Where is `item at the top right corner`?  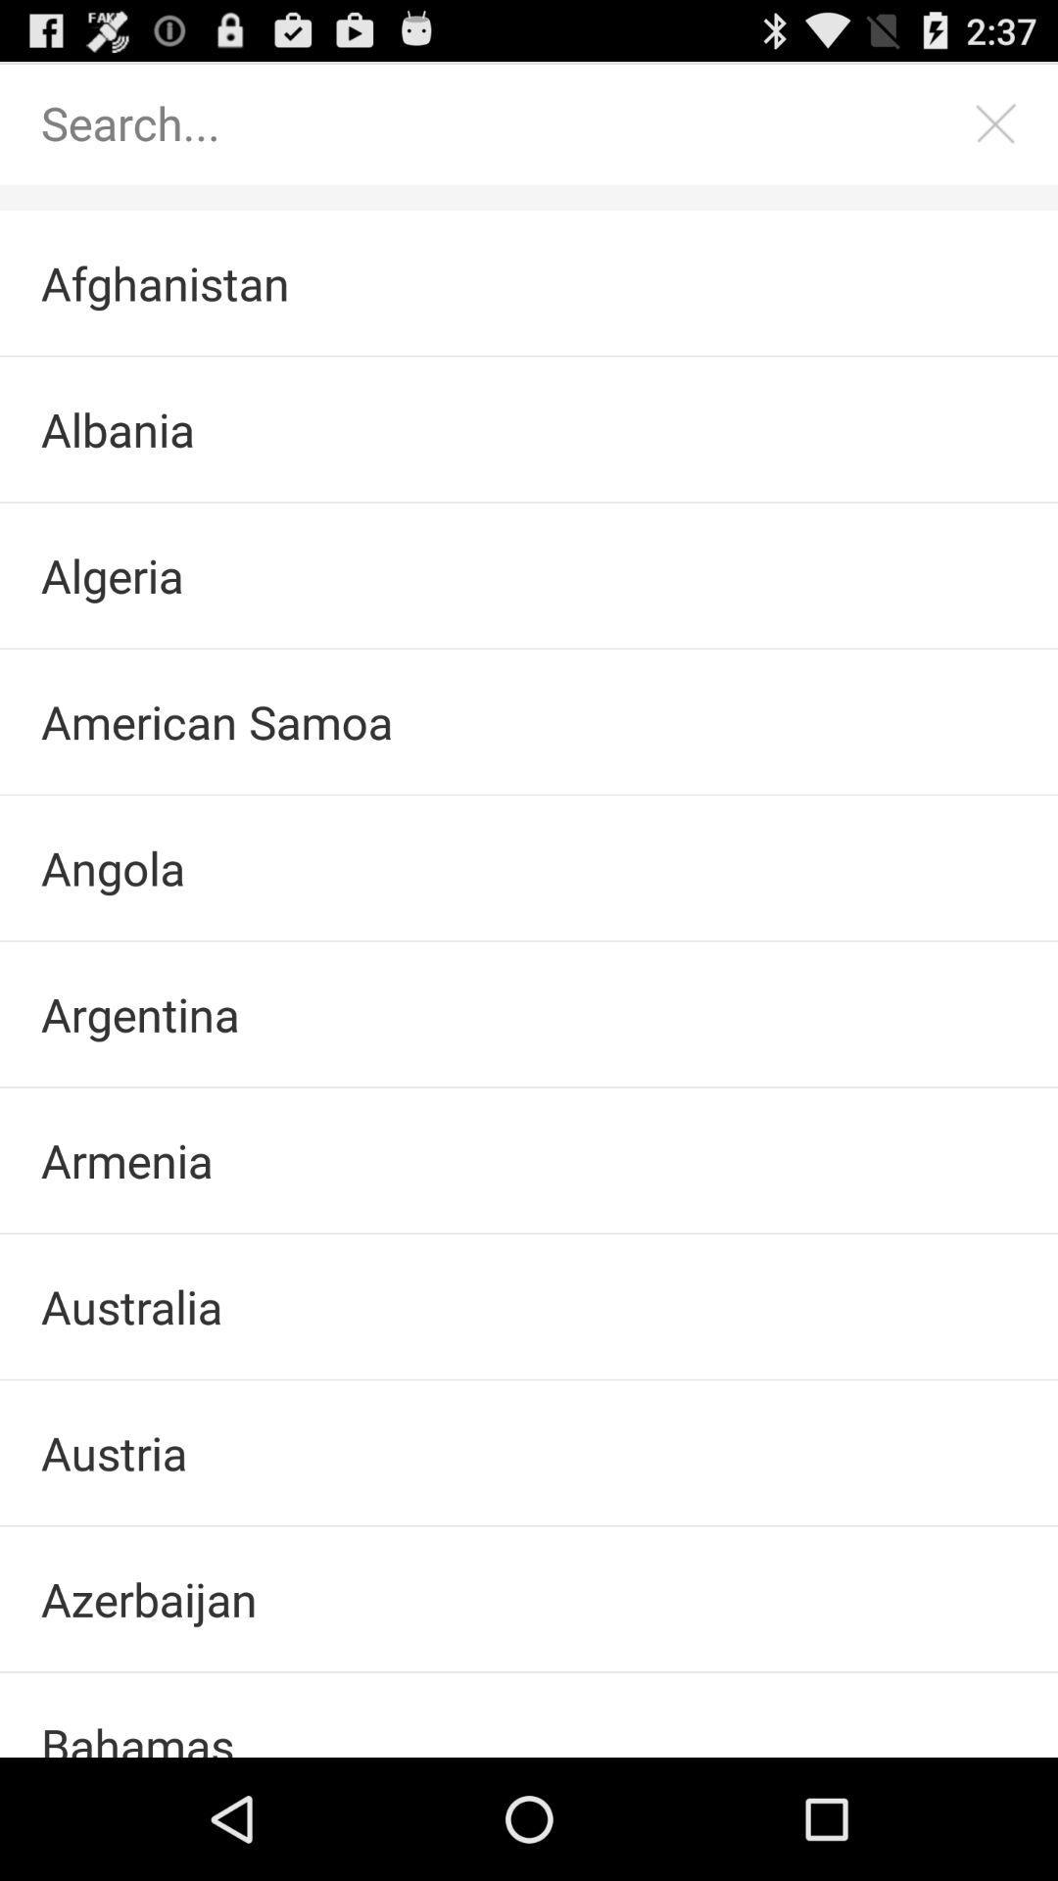 item at the top right corner is located at coordinates (996, 121).